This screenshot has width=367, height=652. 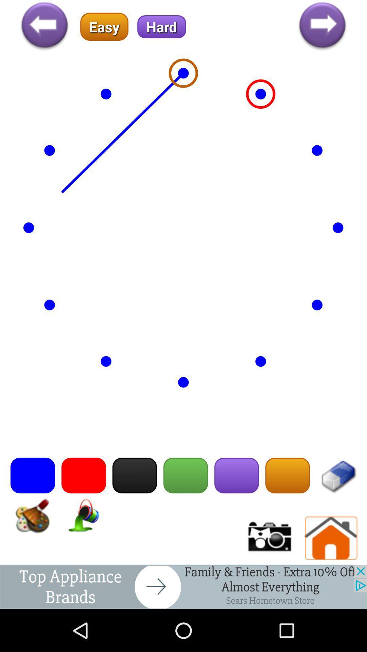 I want to click on the home icon, so click(x=331, y=575).